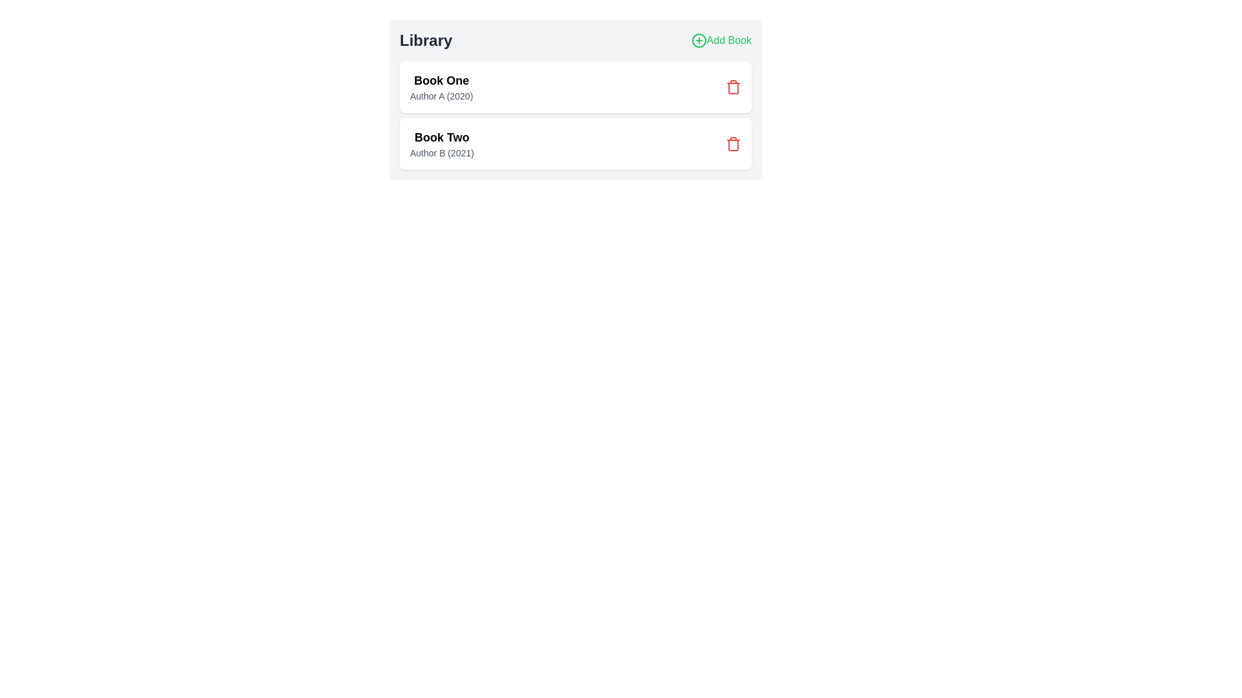 This screenshot has width=1242, height=698. What do you see at coordinates (733, 144) in the screenshot?
I see `the red trash can icon button located on the far right of the row labeled 'Book Two Author B (2021)'` at bounding box center [733, 144].